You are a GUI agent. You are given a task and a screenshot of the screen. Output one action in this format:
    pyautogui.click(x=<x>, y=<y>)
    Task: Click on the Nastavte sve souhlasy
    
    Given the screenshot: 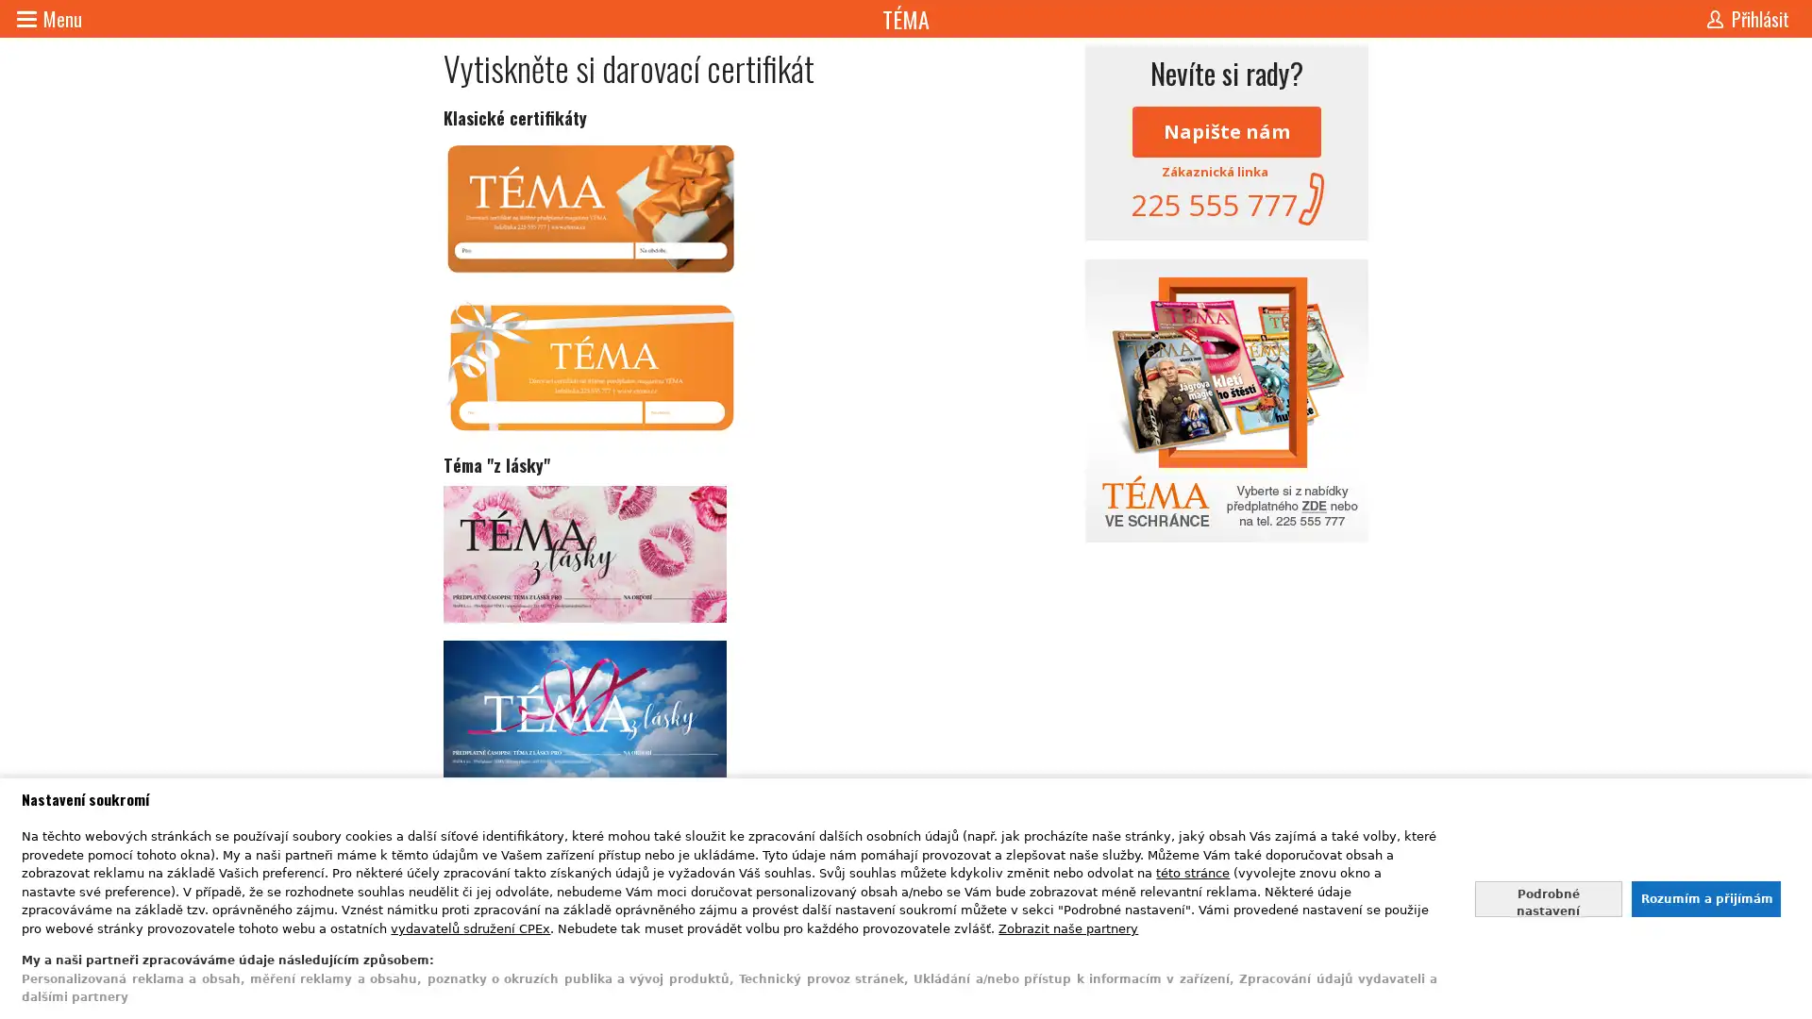 What is the action you would take?
    pyautogui.click(x=1548, y=897)
    